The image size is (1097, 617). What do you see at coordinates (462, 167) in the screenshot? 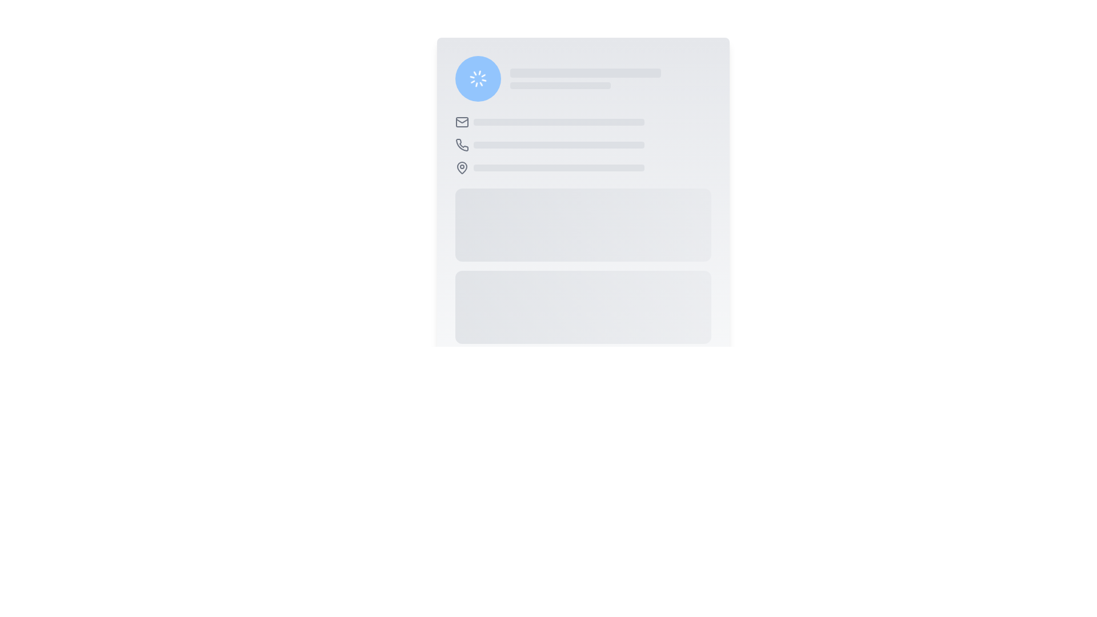
I see `the stylized pin icon representing a location marker, which is centered beneath a phone icon and above a set of text items` at bounding box center [462, 167].